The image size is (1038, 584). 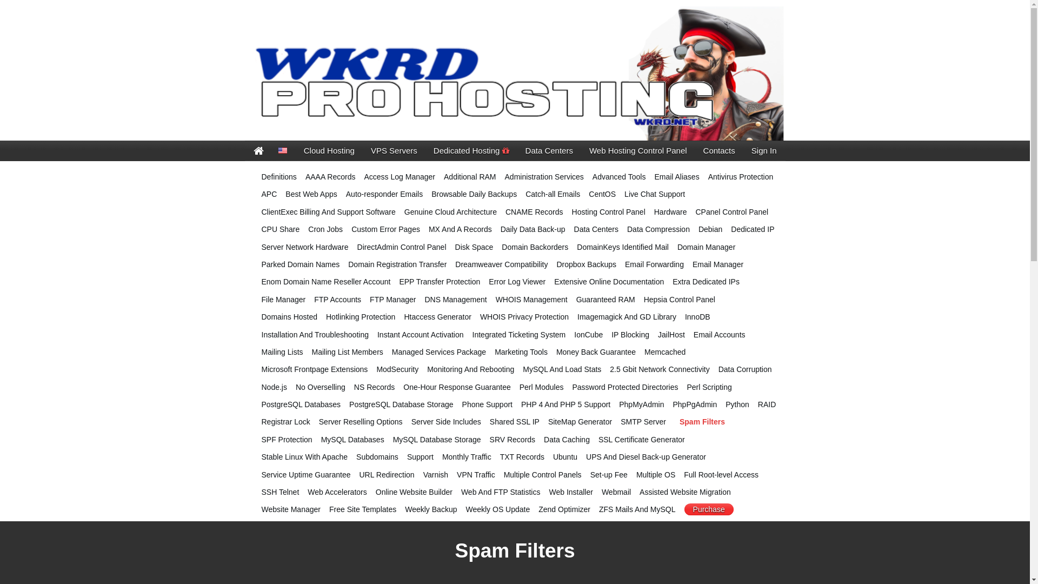 What do you see at coordinates (361, 421) in the screenshot?
I see `'Server Reselling Options'` at bounding box center [361, 421].